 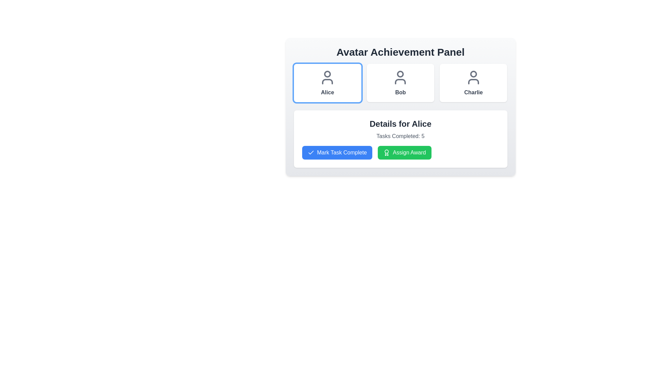 What do you see at coordinates (400, 124) in the screenshot?
I see `text from the Text Label that serves as a title or heading for the selected user, Alice, located in the avatar panel above the 'Tasks Completed' label` at bounding box center [400, 124].